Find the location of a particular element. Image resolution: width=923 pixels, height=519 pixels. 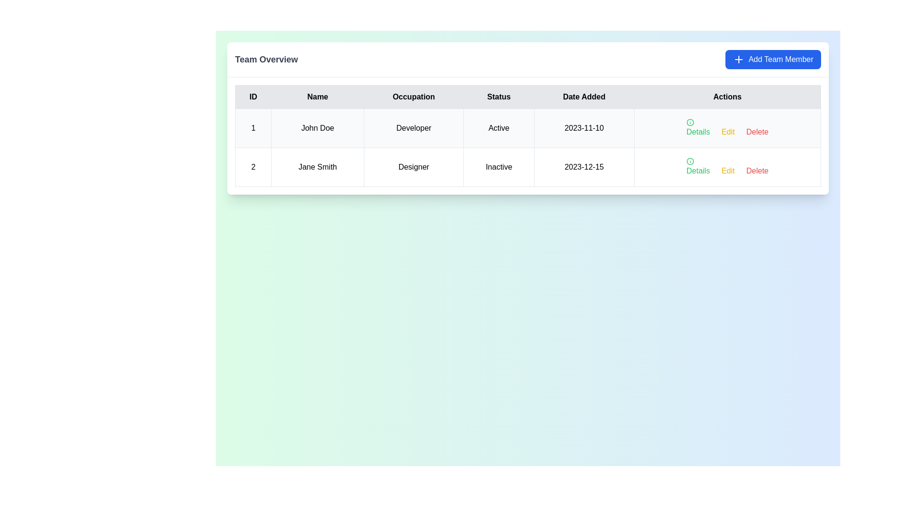

text label 'Name' in the tabular header, which is styled with a bold font and located in the second column between 'ID' and 'Occupation' is located at coordinates (318, 97).